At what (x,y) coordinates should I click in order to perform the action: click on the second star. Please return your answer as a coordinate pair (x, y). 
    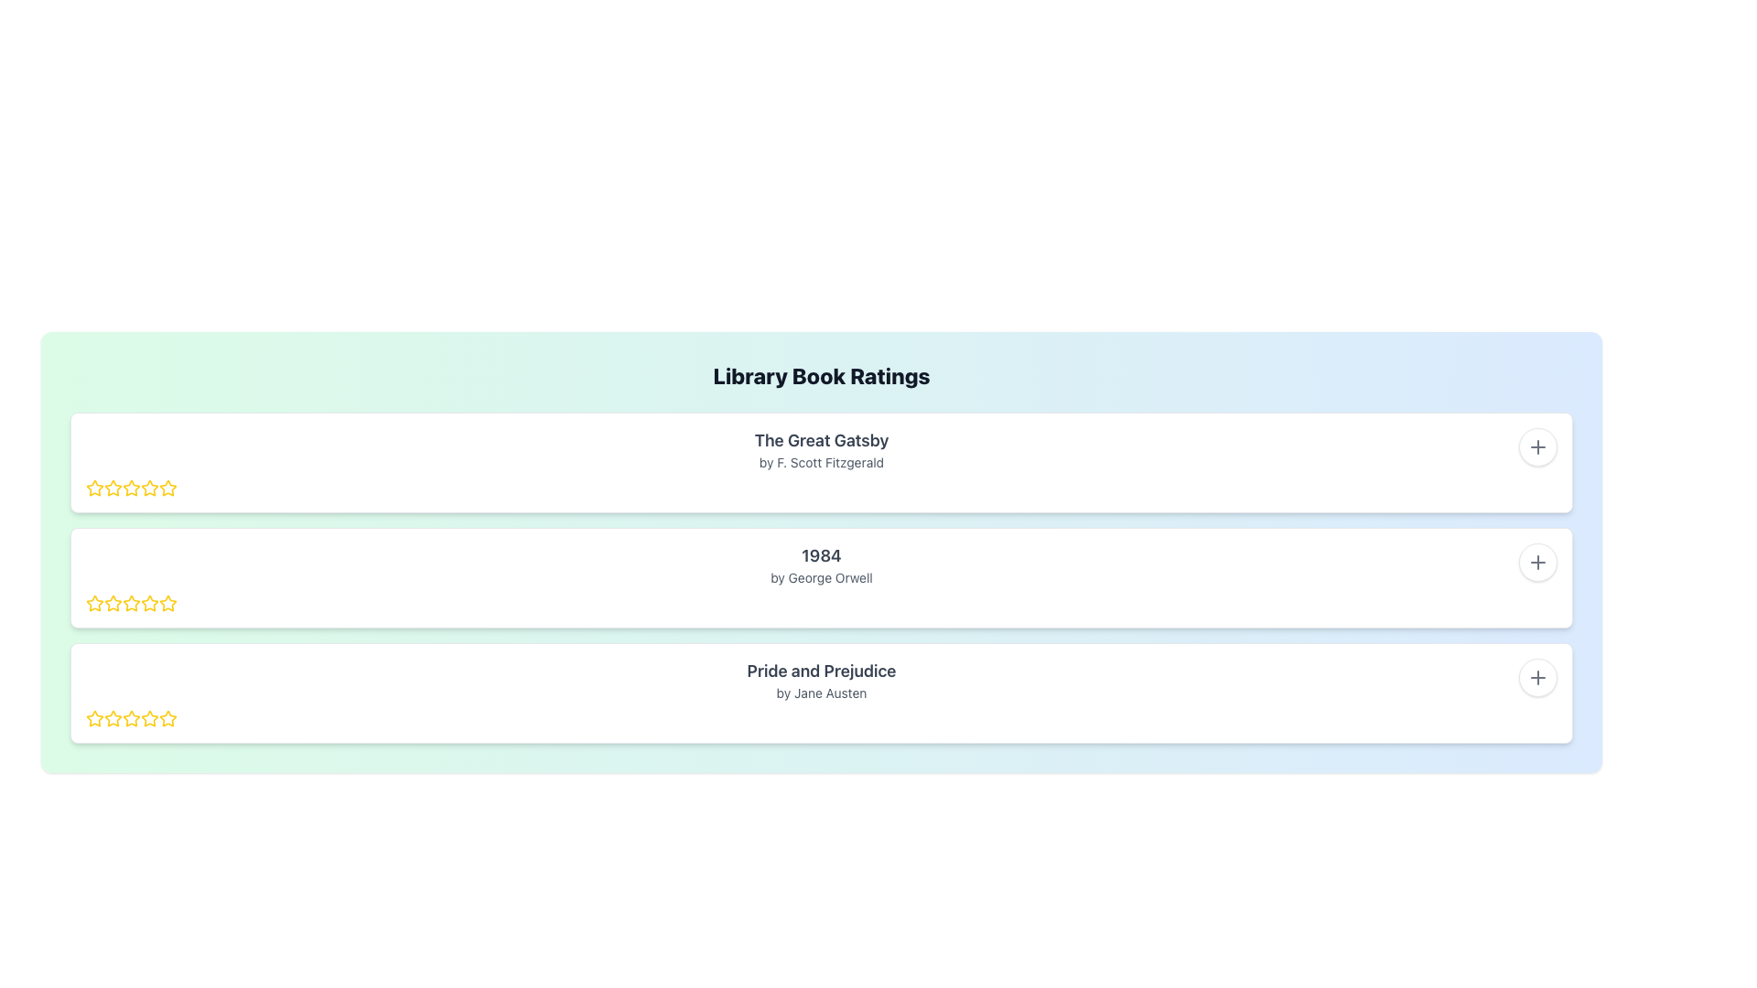
    Looking at the image, I should click on (167, 603).